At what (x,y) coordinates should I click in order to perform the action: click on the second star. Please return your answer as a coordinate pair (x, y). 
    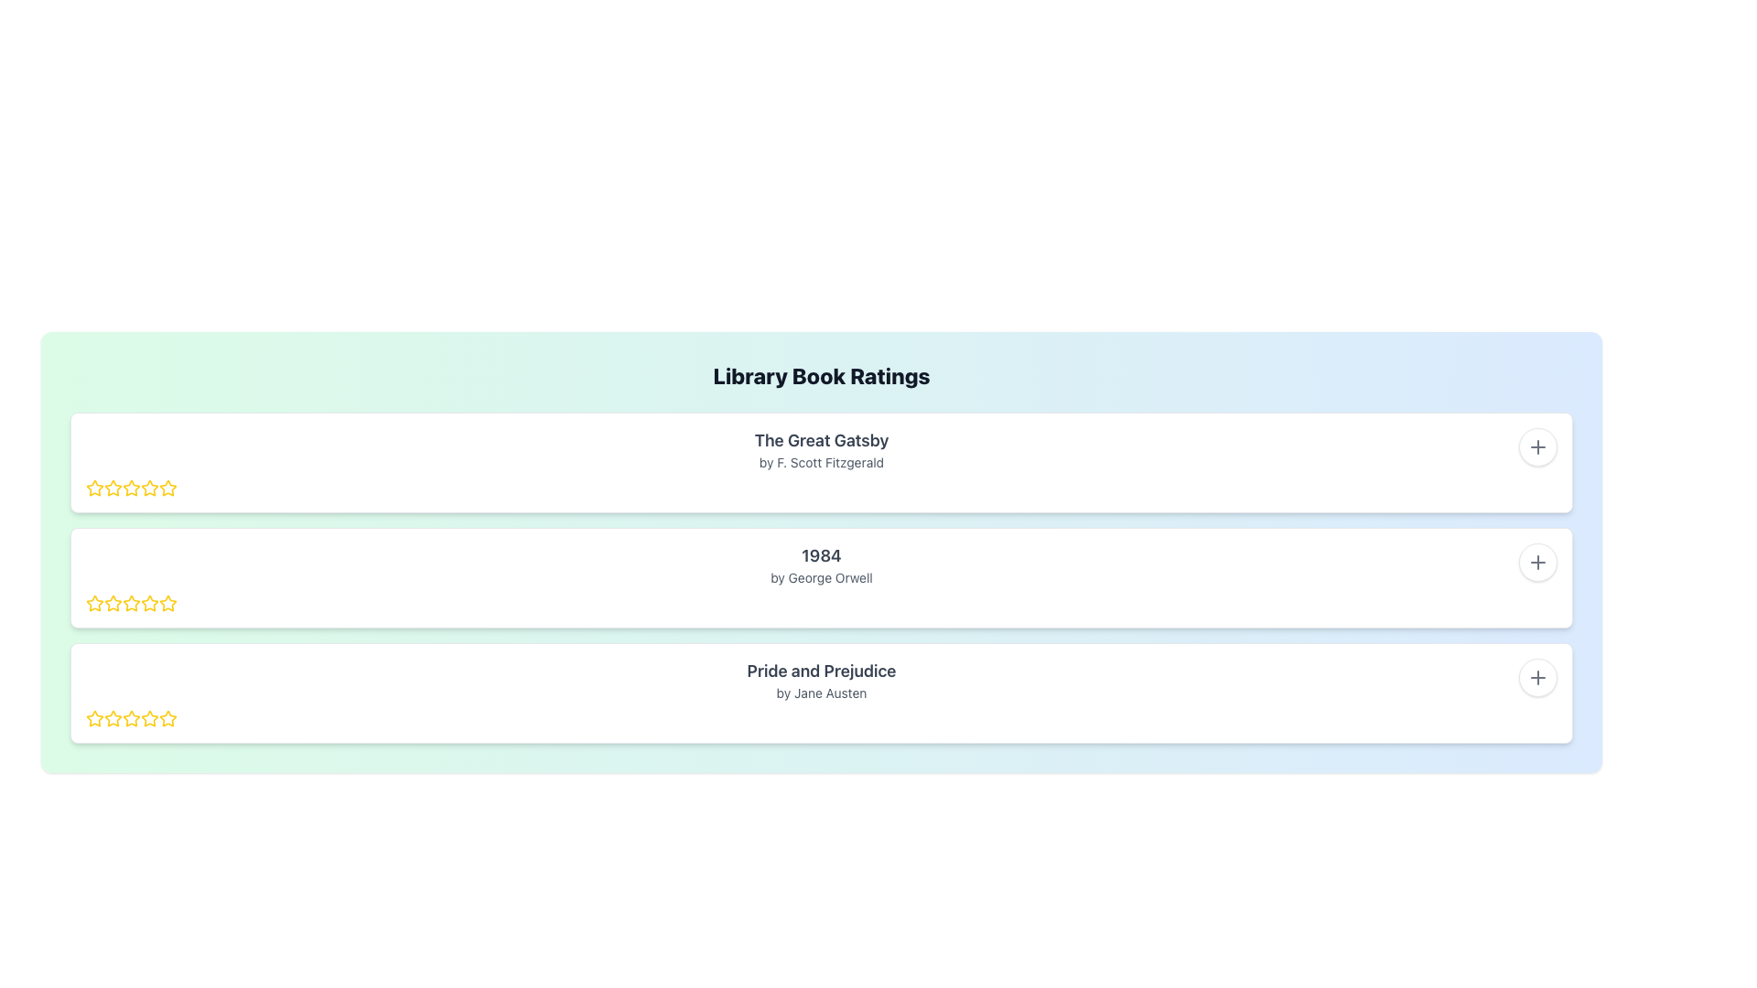
    Looking at the image, I should click on (167, 603).